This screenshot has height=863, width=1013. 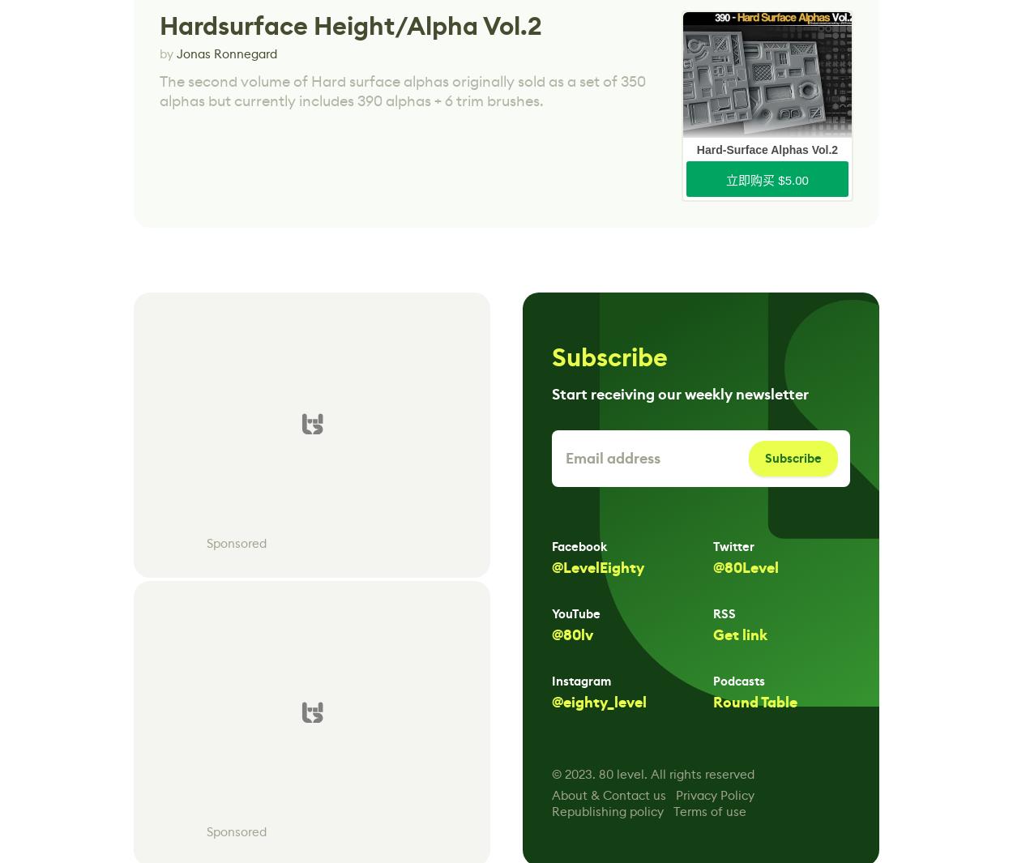 I want to click on '. 80 level. All rights reserved', so click(x=672, y=774).